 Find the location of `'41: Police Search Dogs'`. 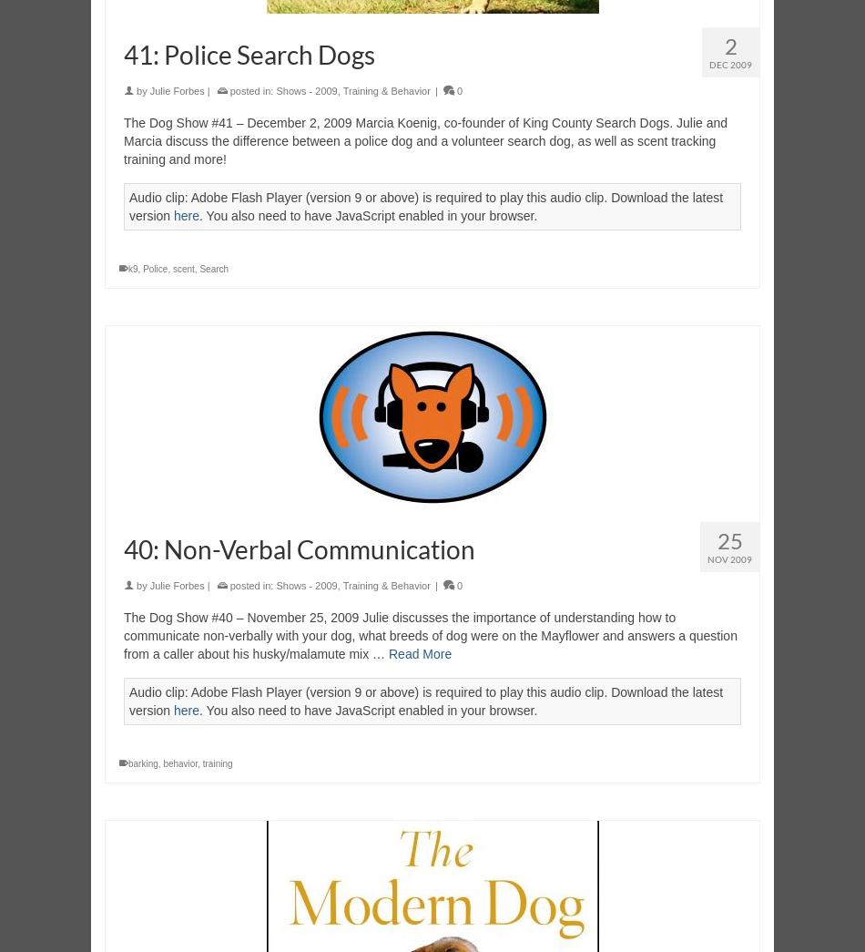

'41: Police Search Dogs' is located at coordinates (248, 54).